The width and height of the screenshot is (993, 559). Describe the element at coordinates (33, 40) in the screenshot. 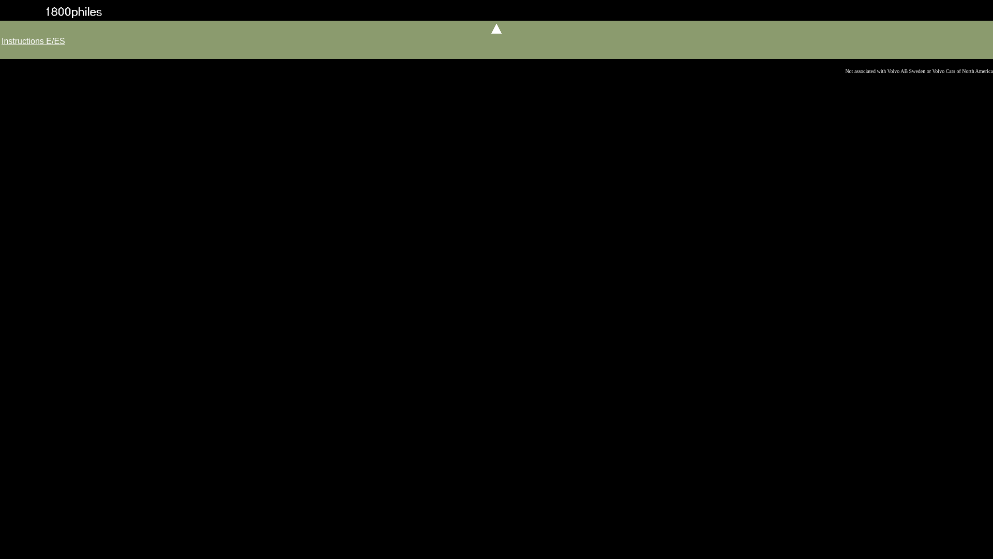

I see `'Instructions E/ES'` at that location.